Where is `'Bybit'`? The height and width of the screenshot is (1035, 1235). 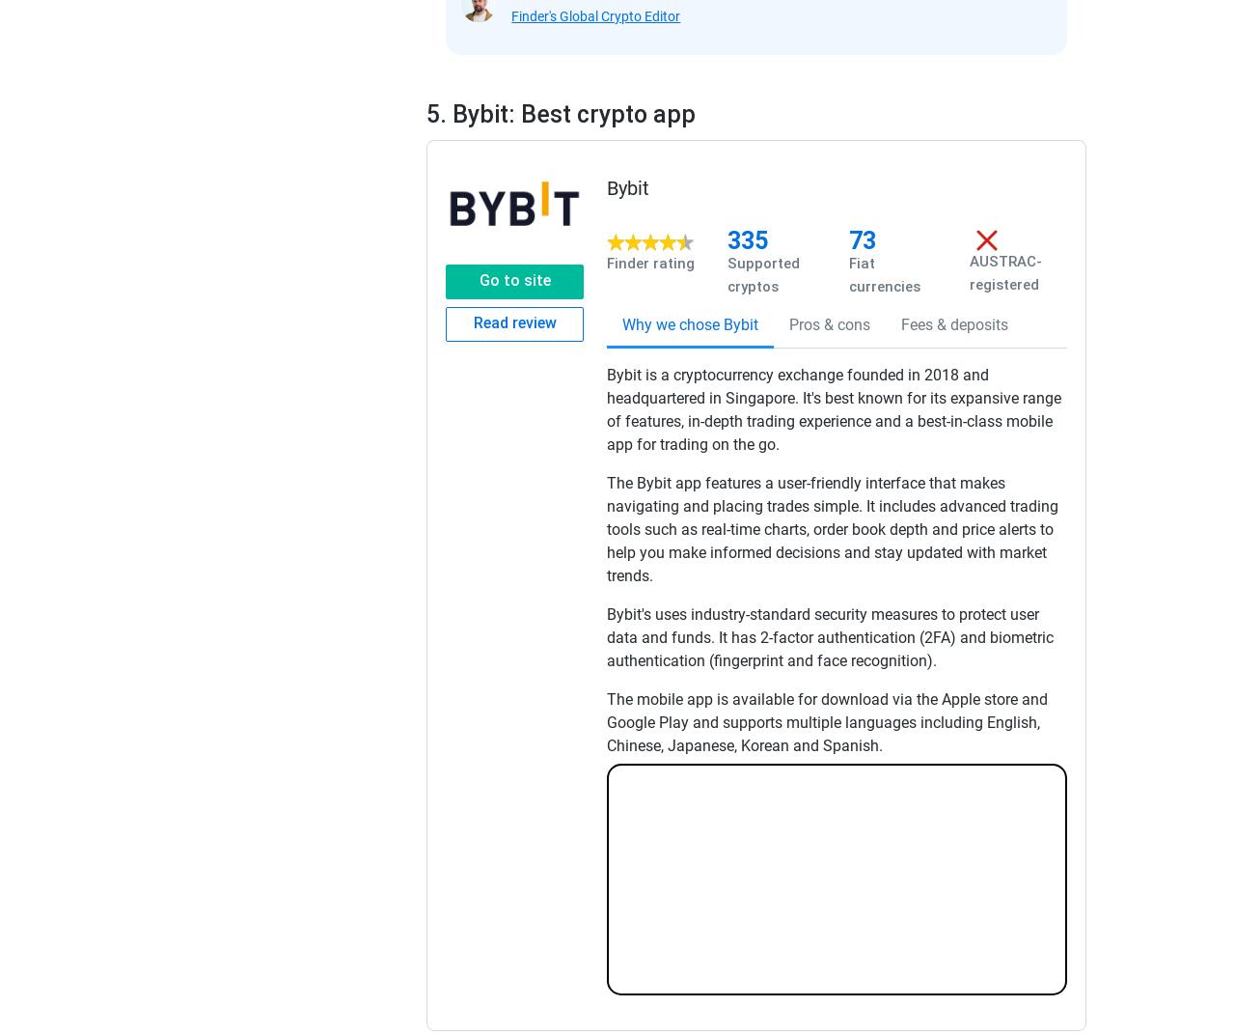 'Bybit' is located at coordinates (628, 186).